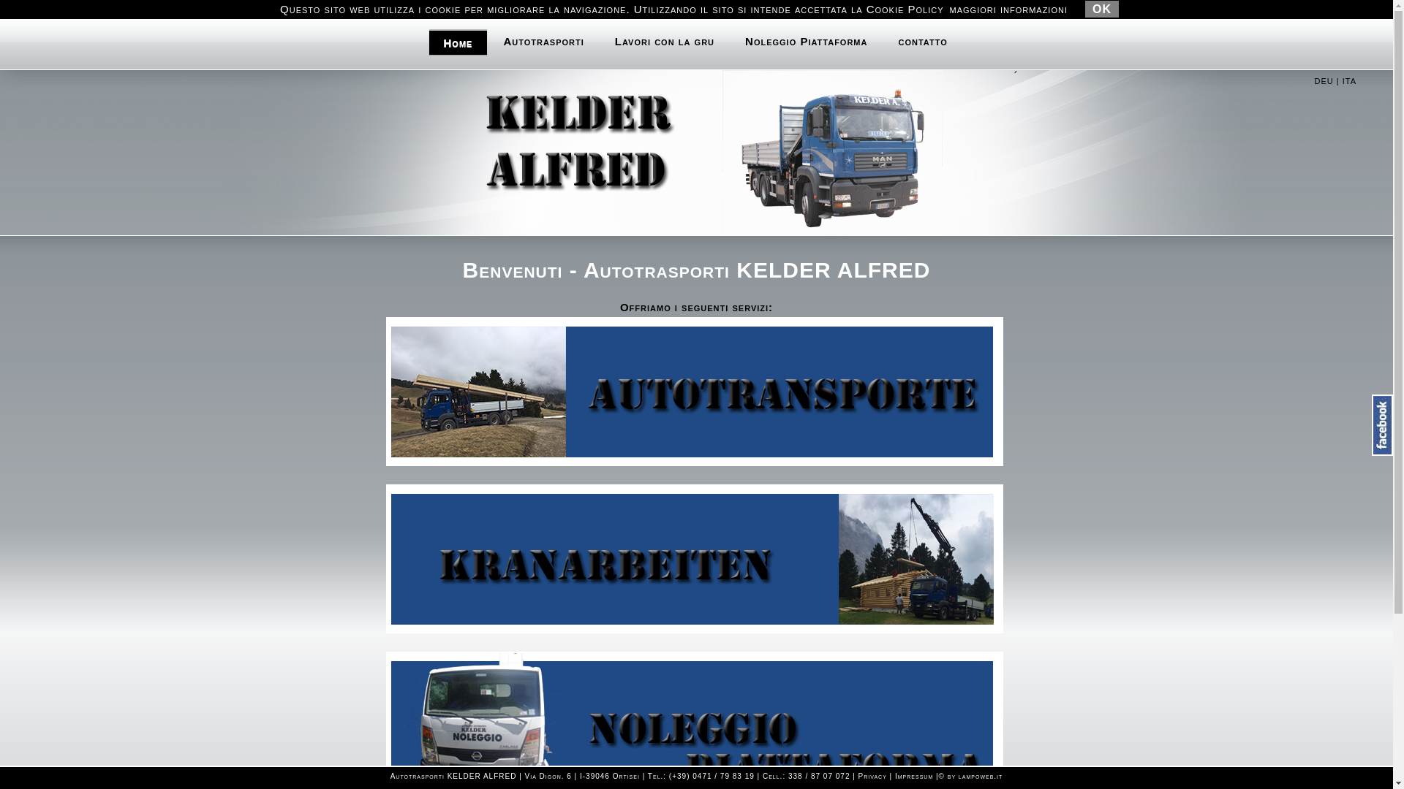 This screenshot has width=1404, height=789. What do you see at coordinates (950, 9) in the screenshot?
I see `'maggiori informazioni'` at bounding box center [950, 9].